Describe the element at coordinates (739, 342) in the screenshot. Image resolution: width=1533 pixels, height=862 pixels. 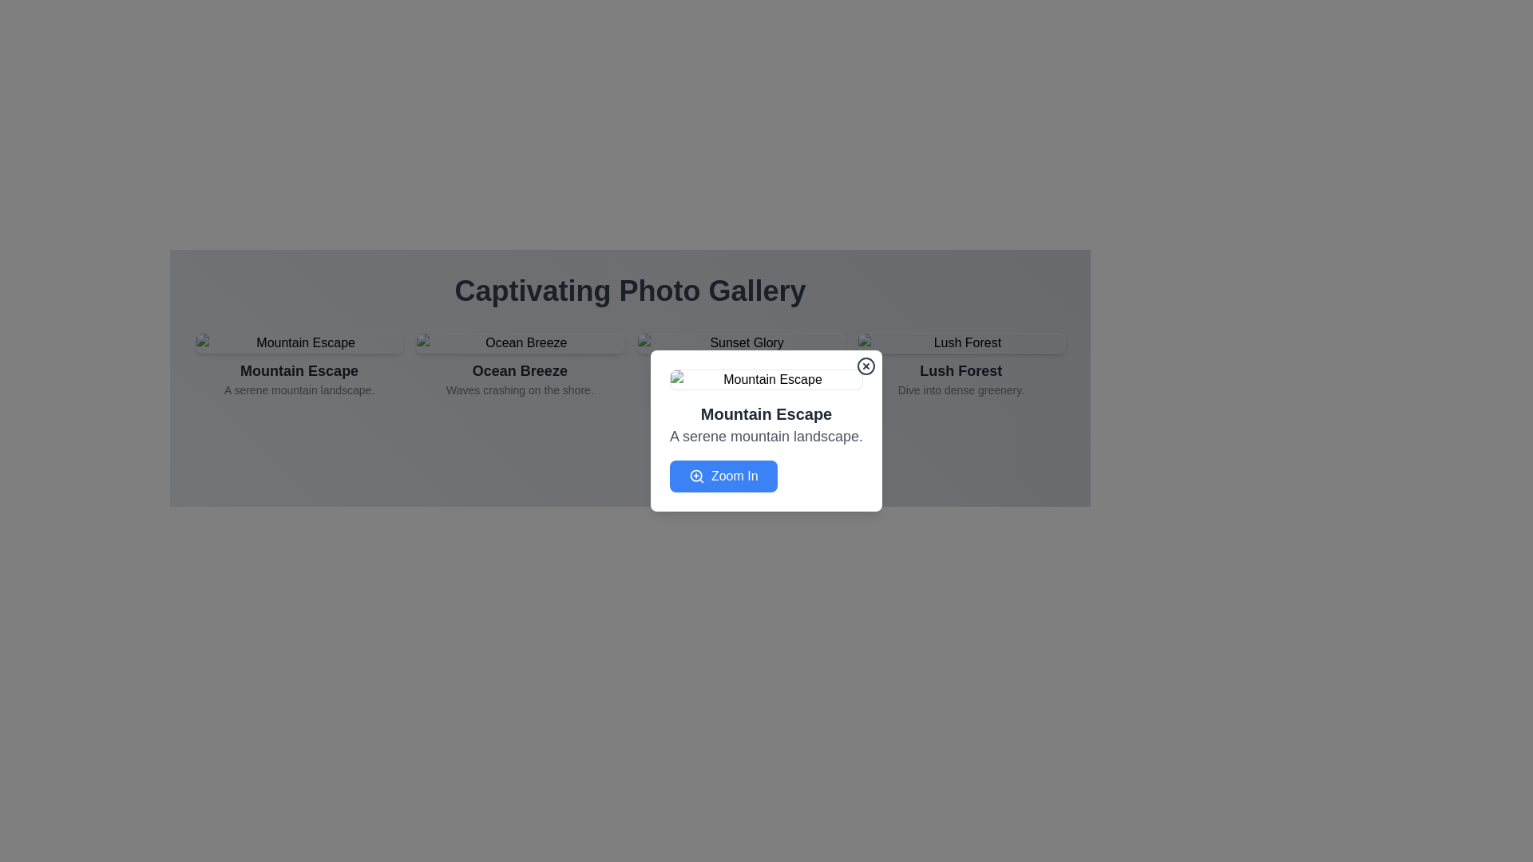
I see `alt text of the 'Sunset Glory' image in the photo gallery interface, which is the uppermost component of its card` at that location.